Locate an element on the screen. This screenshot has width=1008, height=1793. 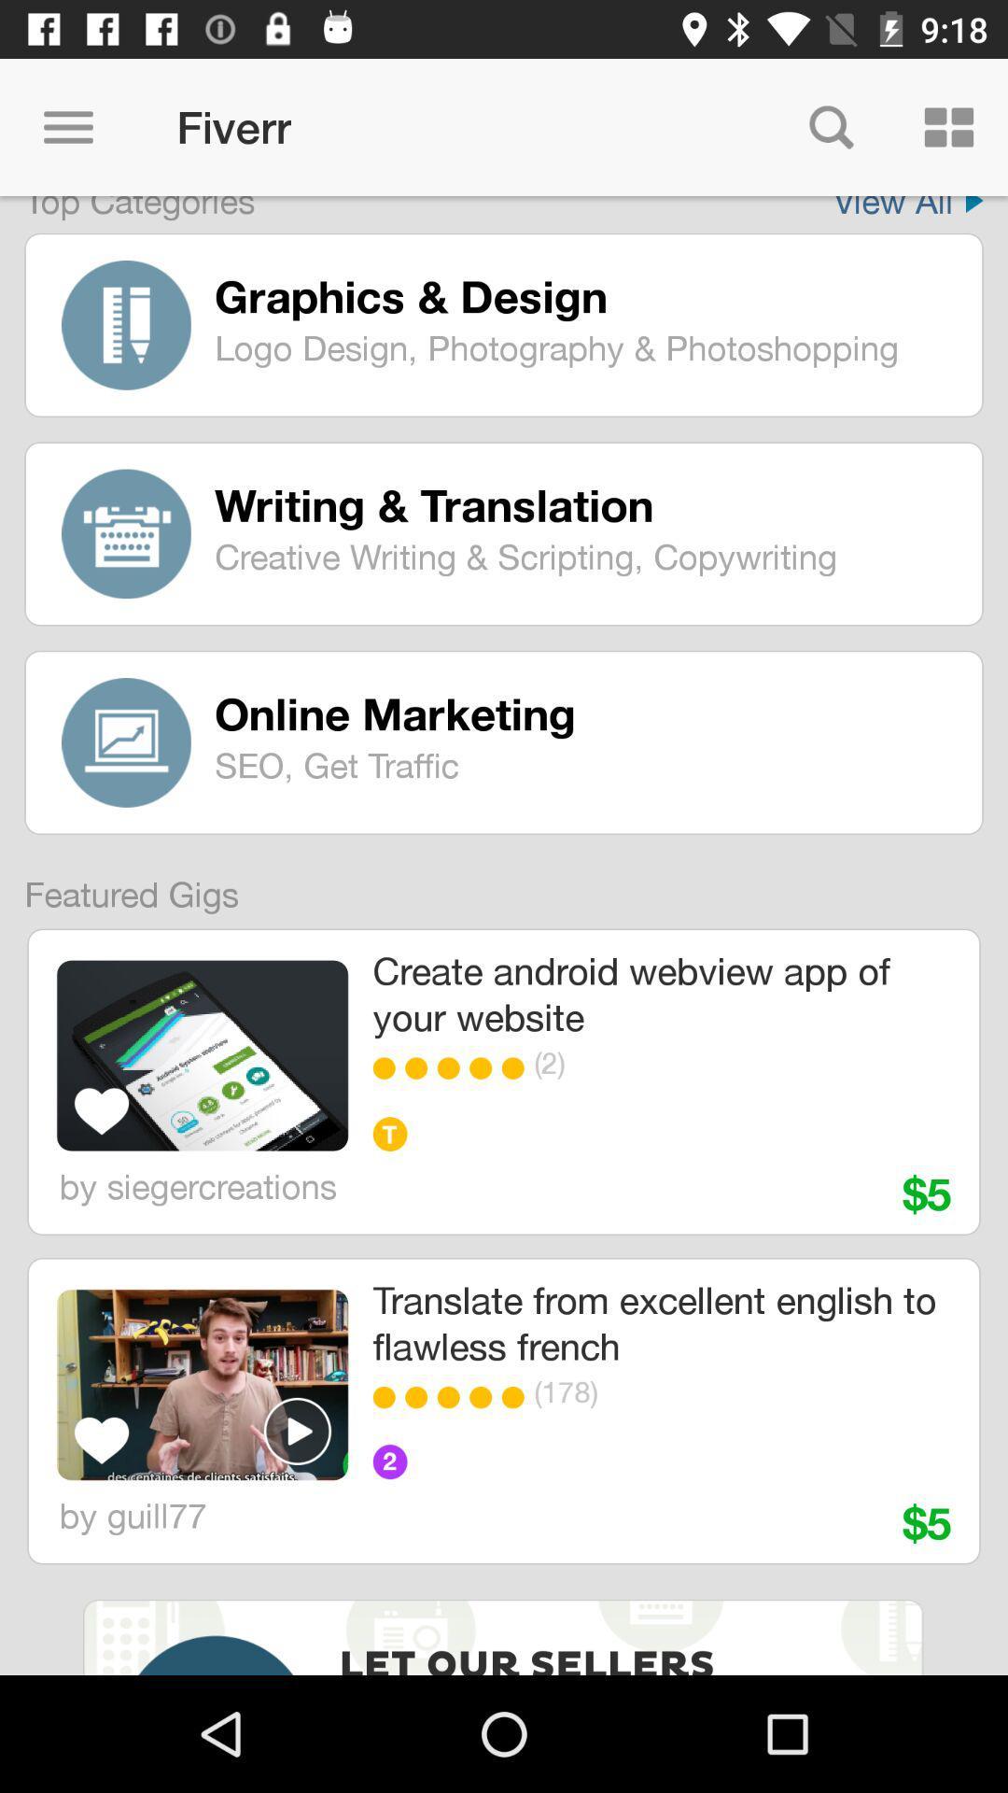
video is located at coordinates (297, 1430).